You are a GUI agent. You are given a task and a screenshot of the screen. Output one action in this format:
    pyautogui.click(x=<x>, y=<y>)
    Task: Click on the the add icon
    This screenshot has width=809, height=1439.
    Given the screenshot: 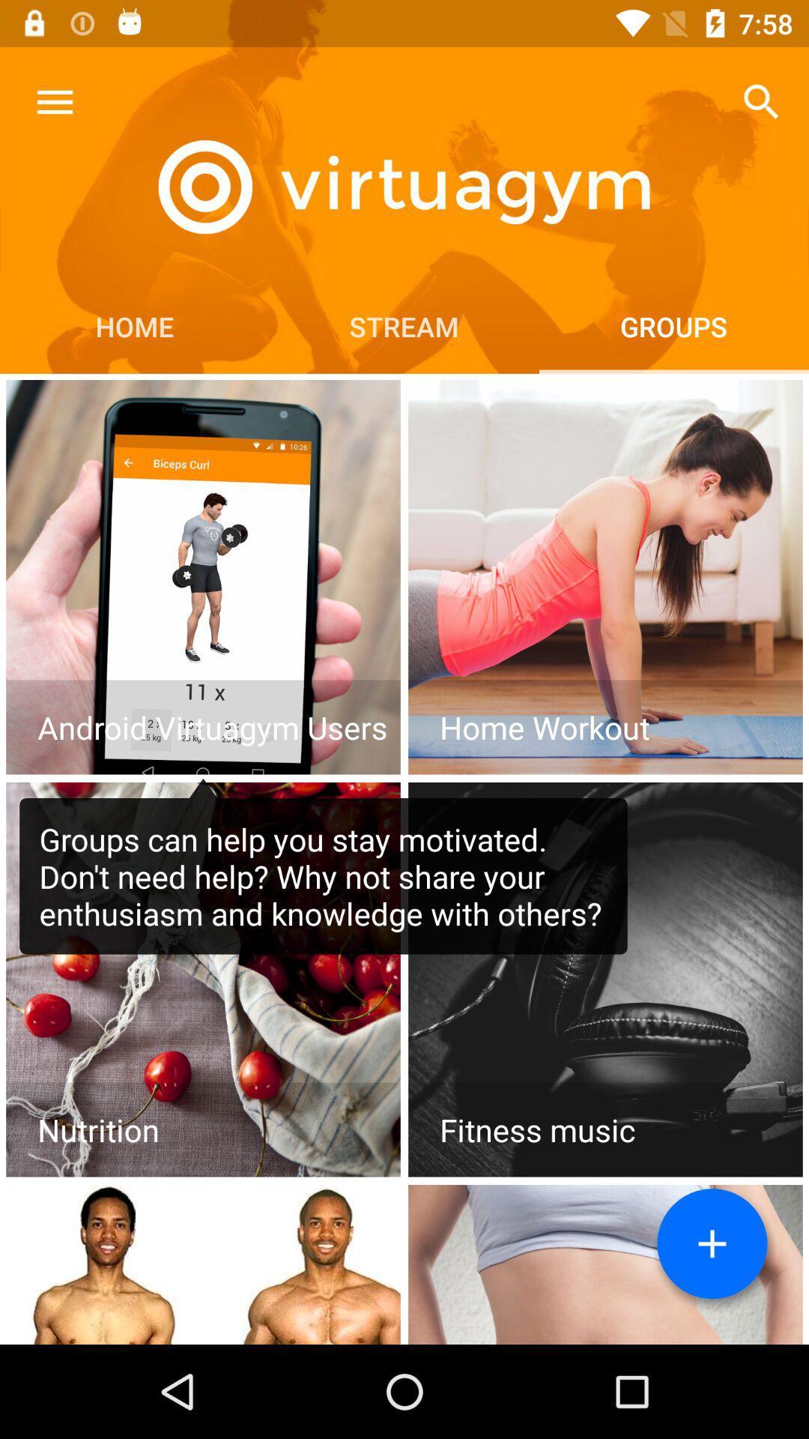 What is the action you would take?
    pyautogui.click(x=712, y=1243)
    